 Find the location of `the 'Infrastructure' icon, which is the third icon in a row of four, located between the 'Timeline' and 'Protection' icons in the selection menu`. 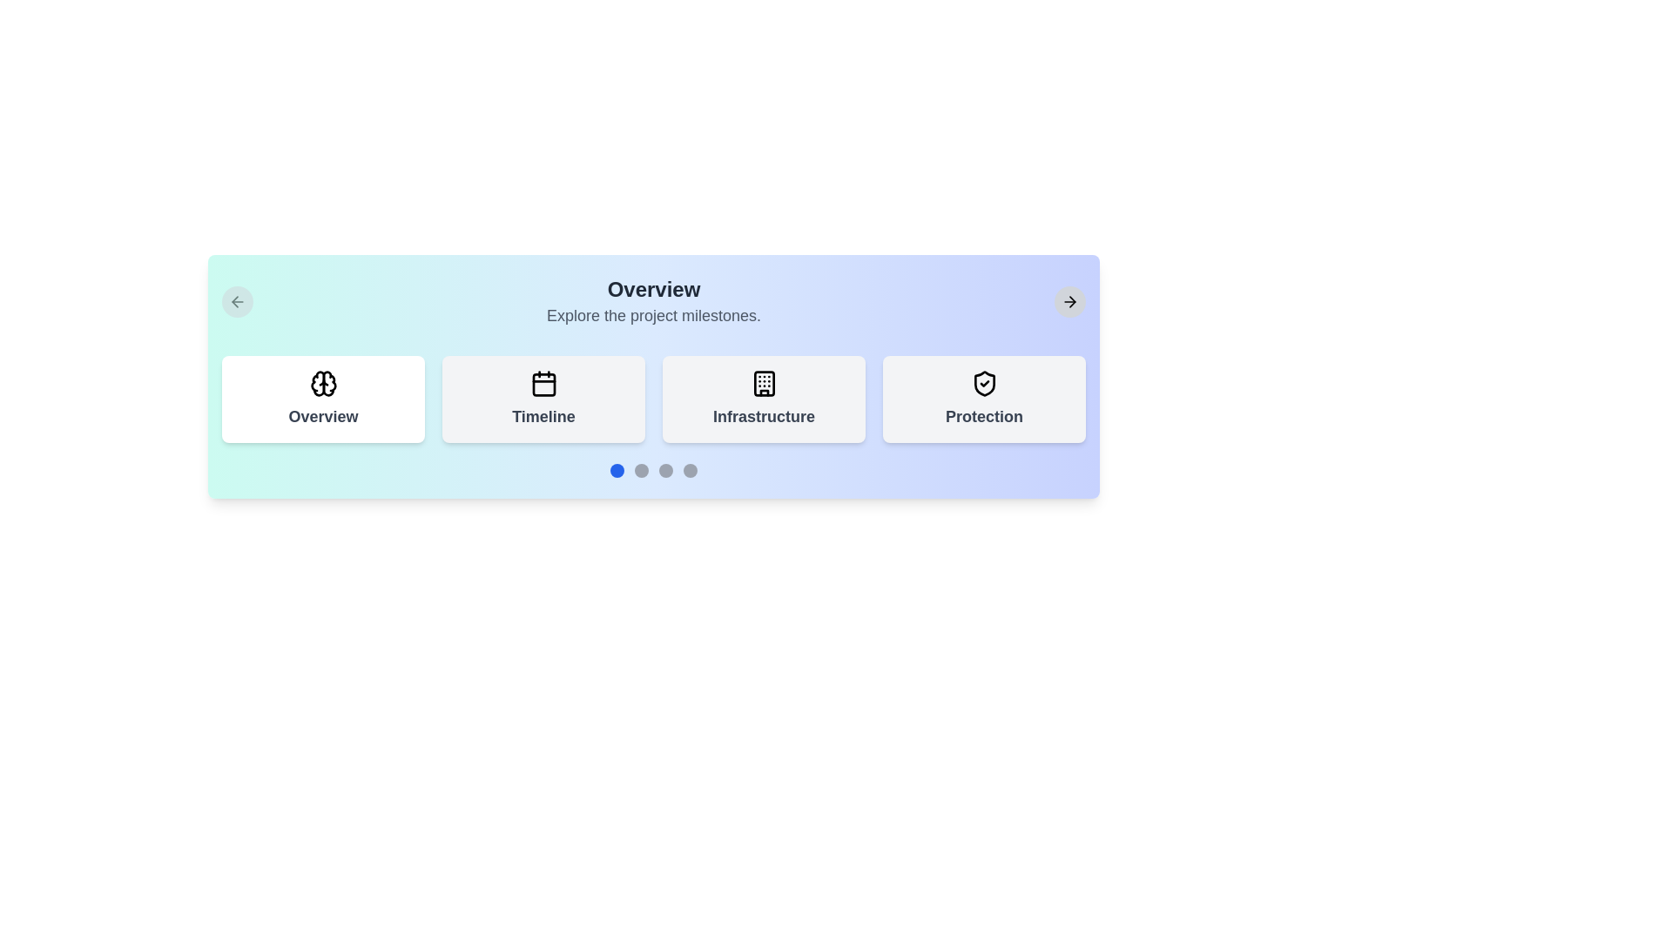

the 'Infrastructure' icon, which is the third icon in a row of four, located between the 'Timeline' and 'Protection' icons in the selection menu is located at coordinates (764, 382).